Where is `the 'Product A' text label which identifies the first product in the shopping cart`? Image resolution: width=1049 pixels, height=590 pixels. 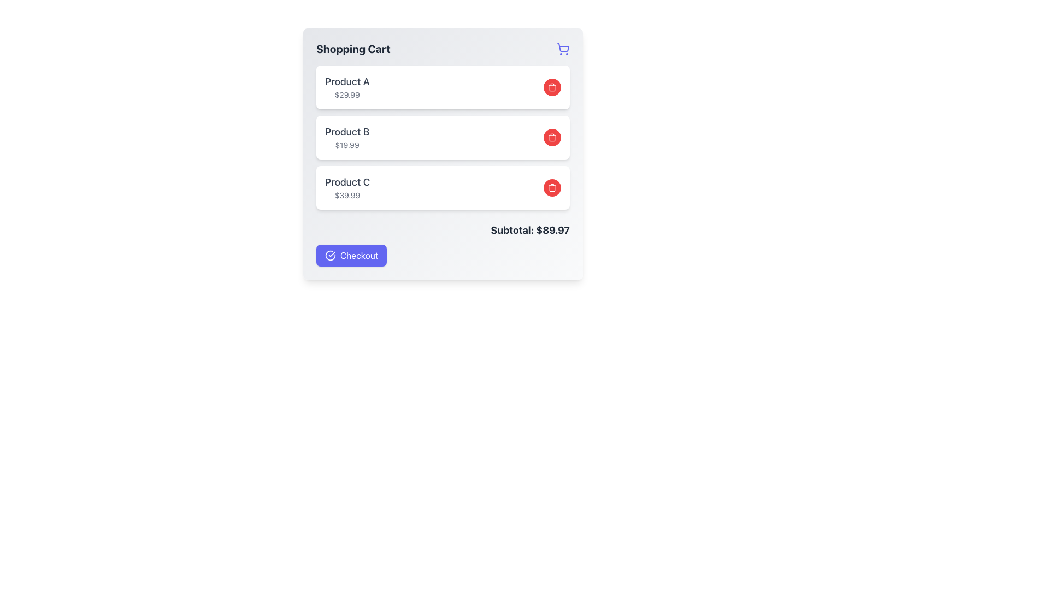 the 'Product A' text label which identifies the first product in the shopping cart is located at coordinates (346, 81).